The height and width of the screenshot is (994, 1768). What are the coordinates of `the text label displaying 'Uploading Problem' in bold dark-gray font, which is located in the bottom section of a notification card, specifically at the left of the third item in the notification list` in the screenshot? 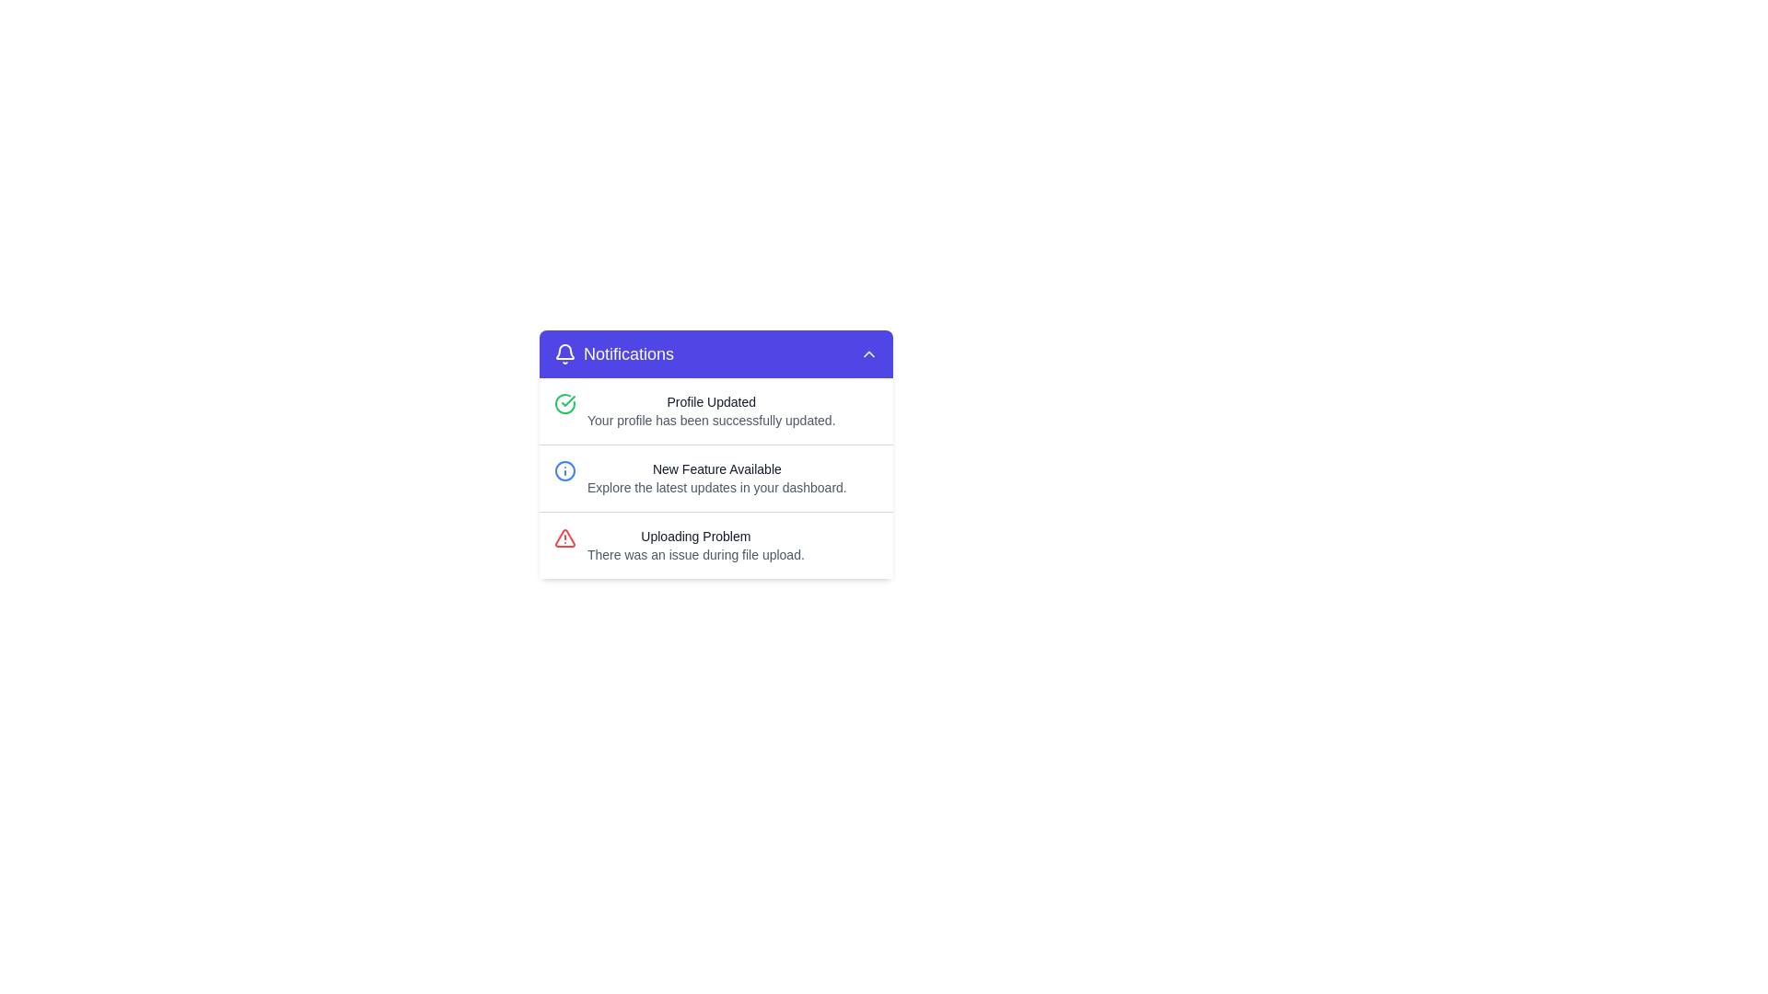 It's located at (694, 536).